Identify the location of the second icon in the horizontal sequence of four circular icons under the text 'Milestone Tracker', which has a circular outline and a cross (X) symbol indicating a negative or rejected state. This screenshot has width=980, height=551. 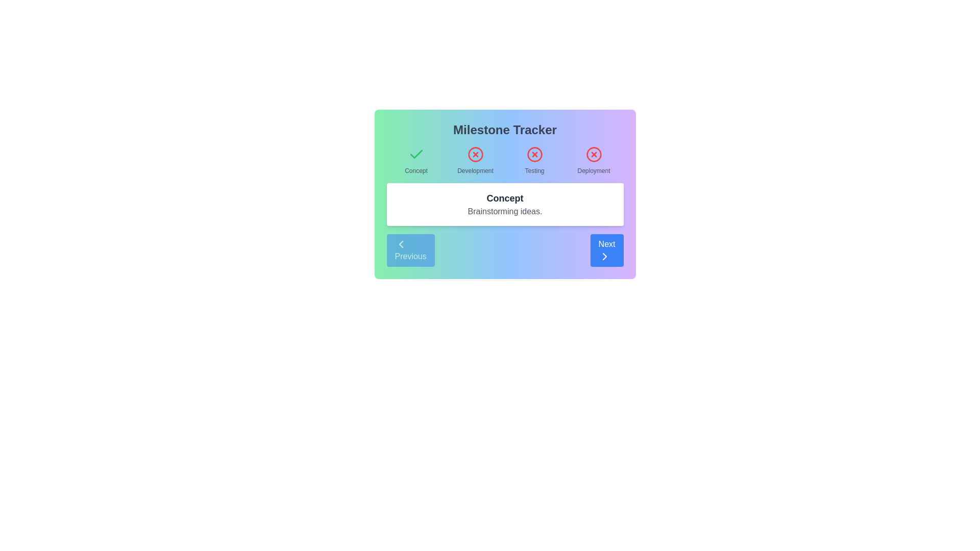
(475, 155).